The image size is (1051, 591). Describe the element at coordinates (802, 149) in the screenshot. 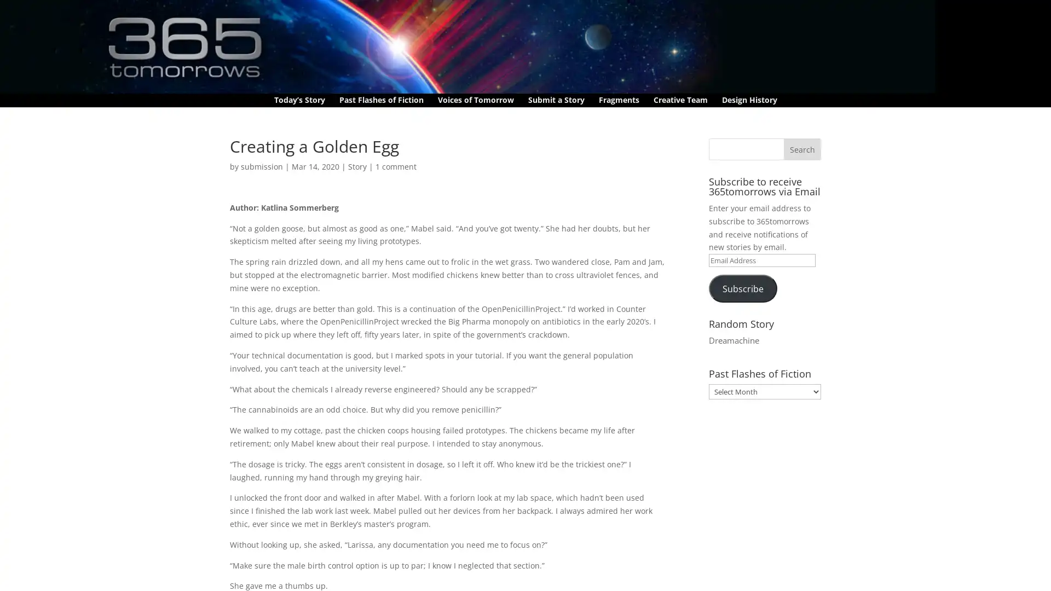

I see `Search` at that location.